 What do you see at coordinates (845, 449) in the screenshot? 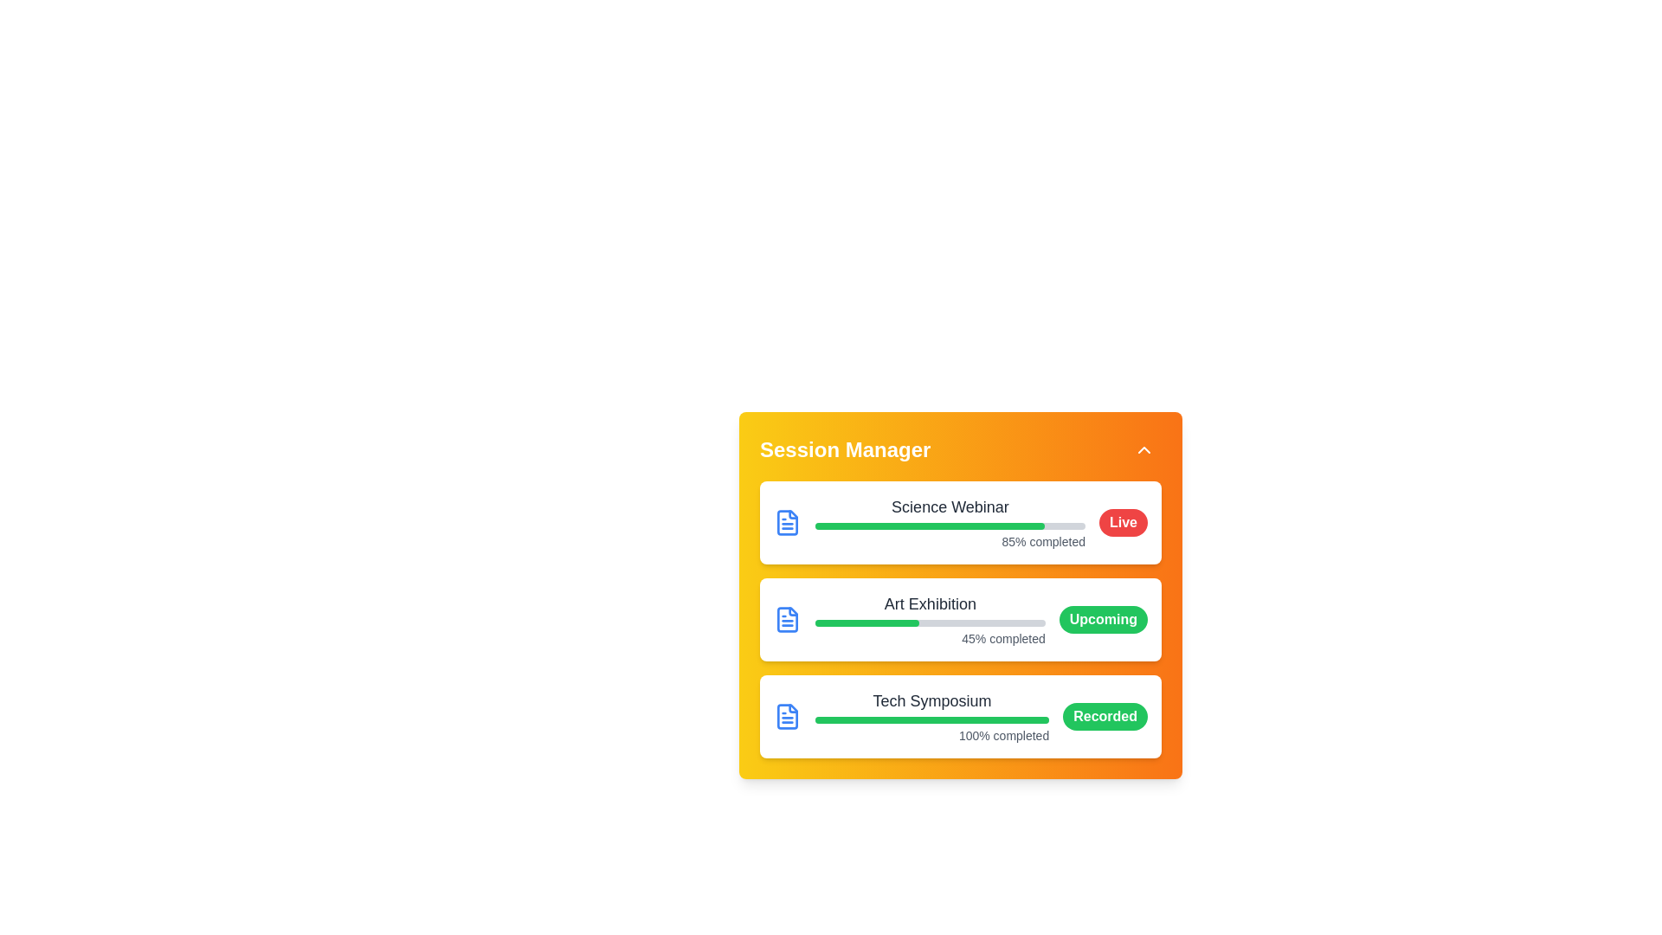
I see `the Text label that serves as a title or heading for the card, which indicates it relates to managing sessions and is positioned at the top left of the orange card component` at bounding box center [845, 449].